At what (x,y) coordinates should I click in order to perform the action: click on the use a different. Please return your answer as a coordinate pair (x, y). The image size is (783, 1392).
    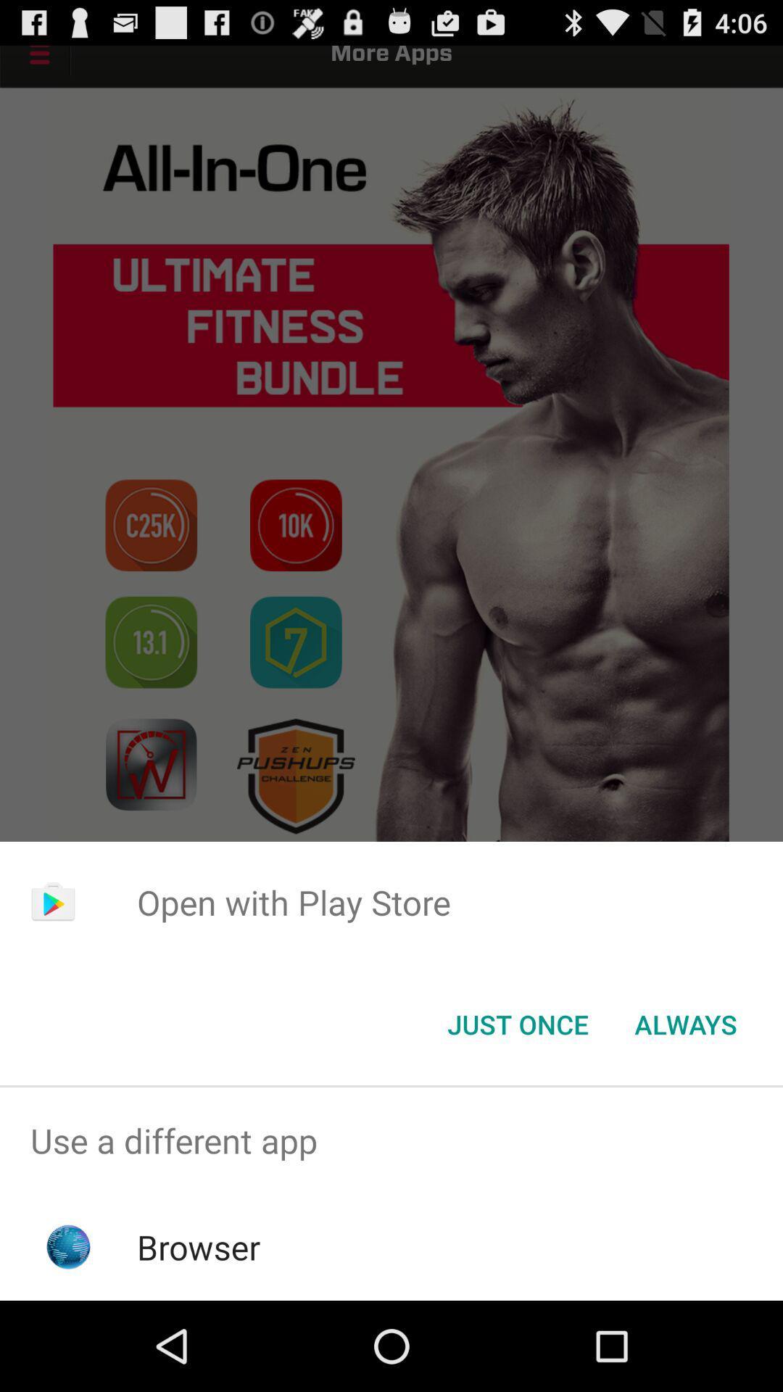
    Looking at the image, I should click on (391, 1140).